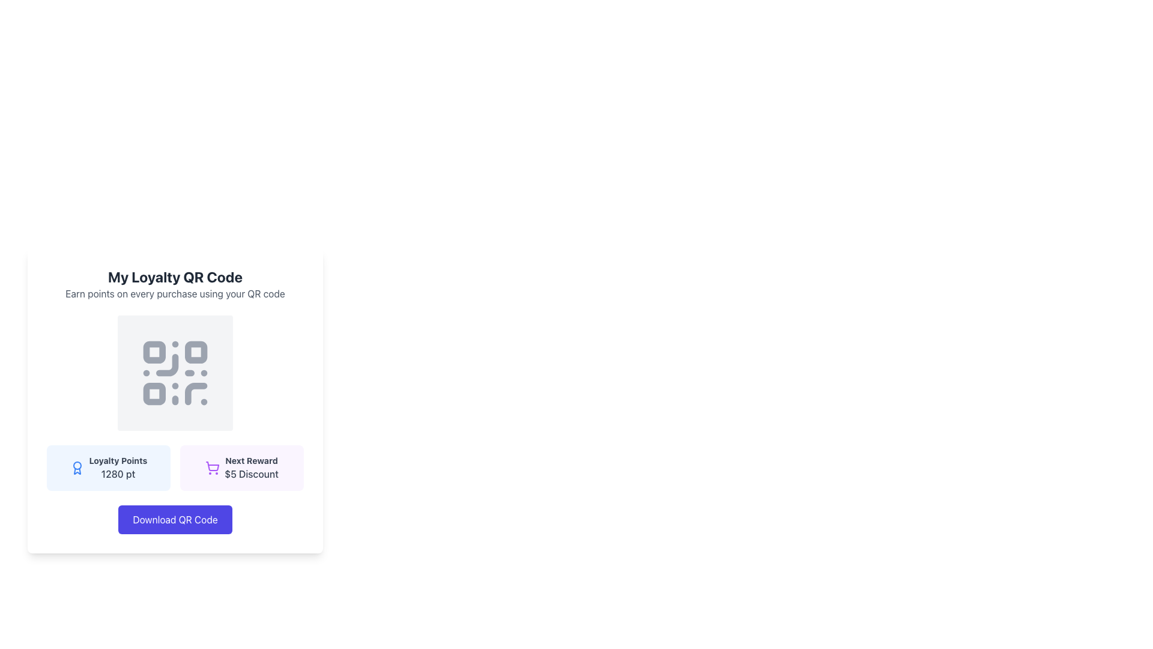  What do you see at coordinates (175, 373) in the screenshot?
I see `the QR code image that is centered beneath the text 'My Loyalty QR Code' and above the loyalty point detail buttons` at bounding box center [175, 373].